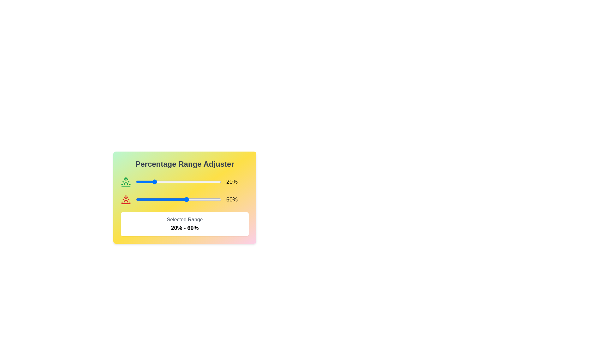 The height and width of the screenshot is (341, 606). What do you see at coordinates (140, 182) in the screenshot?
I see `the slider` at bounding box center [140, 182].